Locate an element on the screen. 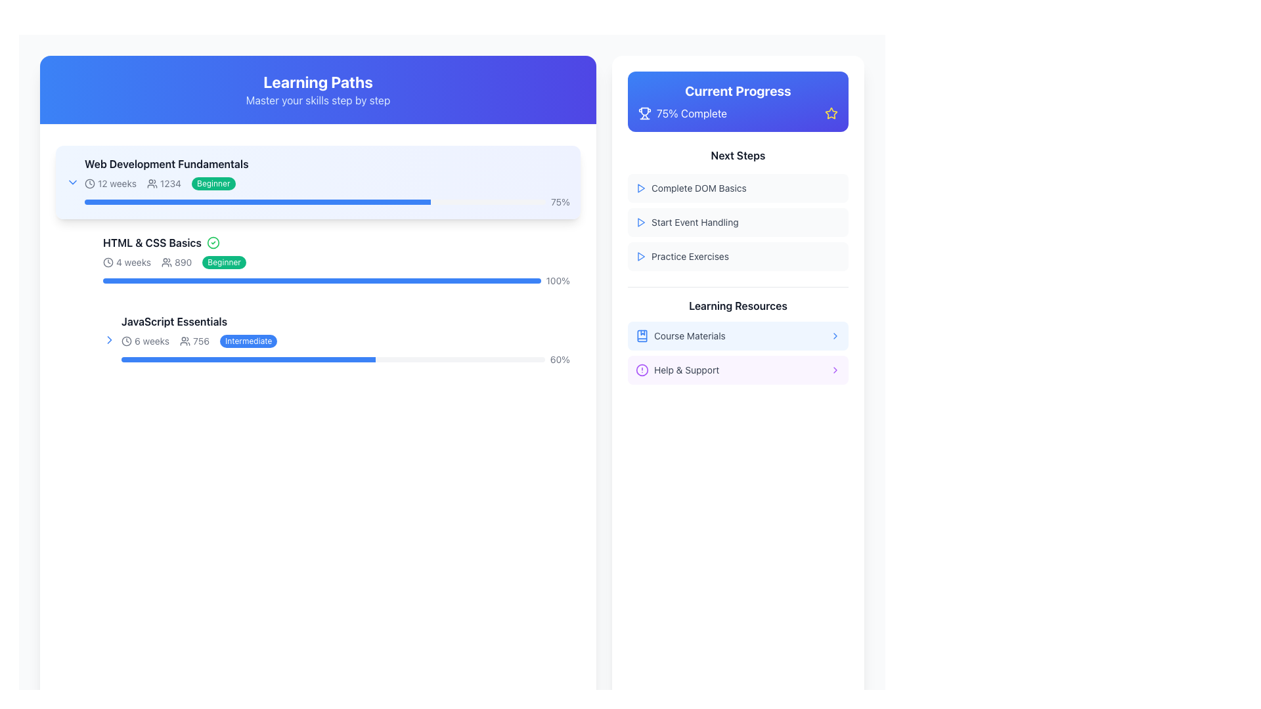 Image resolution: width=1261 pixels, height=709 pixels. the Course summary item for 'JavaScript Essentials' is located at coordinates (336, 339).